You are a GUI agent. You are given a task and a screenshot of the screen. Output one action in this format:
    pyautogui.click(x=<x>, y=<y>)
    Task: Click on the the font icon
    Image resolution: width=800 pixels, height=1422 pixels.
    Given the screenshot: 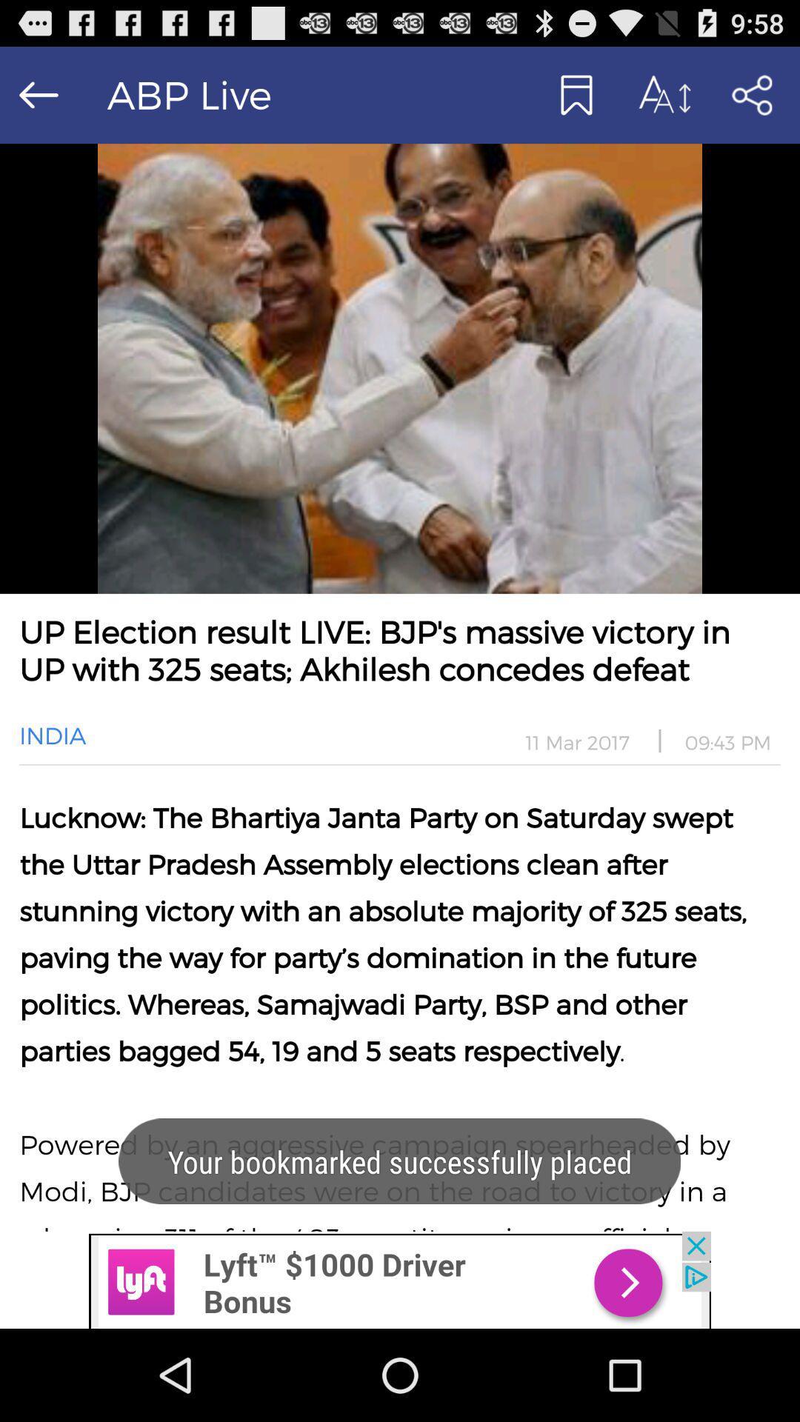 What is the action you would take?
    pyautogui.click(x=662, y=101)
    